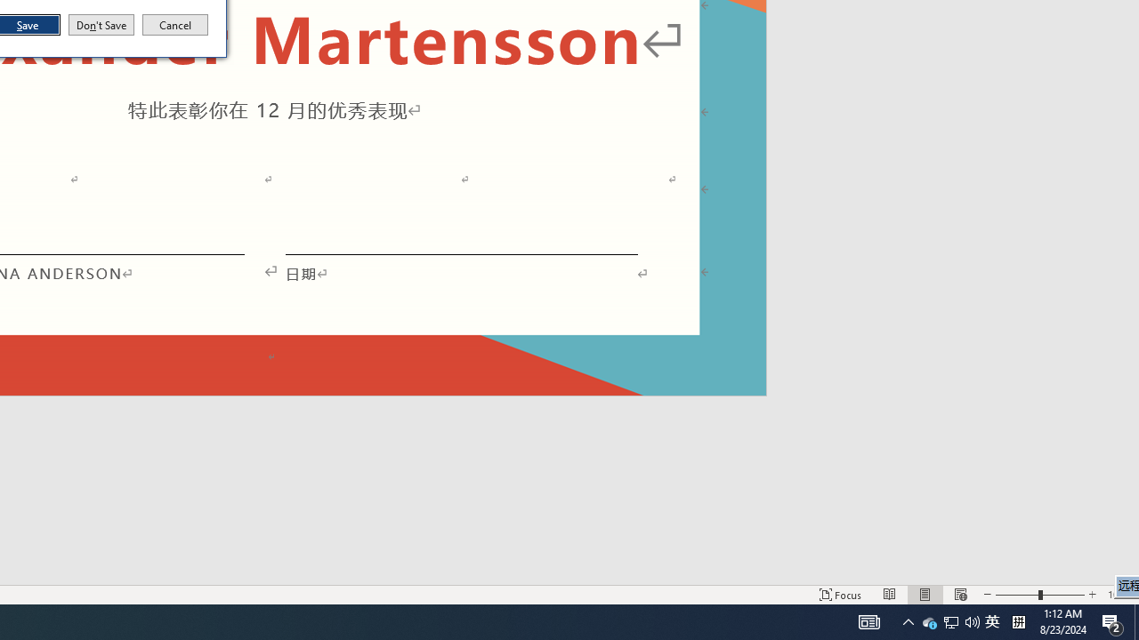 This screenshot has height=640, width=1139. I want to click on 'Notification Chevron', so click(908, 620).